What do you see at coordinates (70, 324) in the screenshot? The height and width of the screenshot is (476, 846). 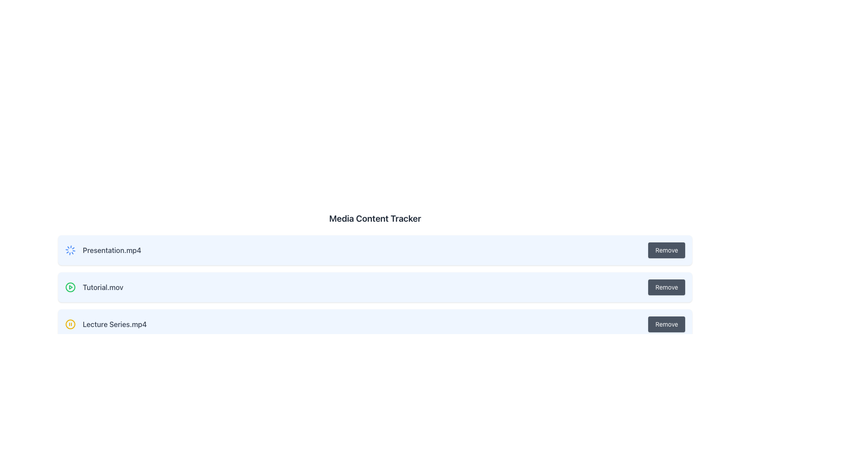 I see `the pause icon located to the left of 'Lecture Series.mp4' in the third row of the list in the tracker interface` at bounding box center [70, 324].